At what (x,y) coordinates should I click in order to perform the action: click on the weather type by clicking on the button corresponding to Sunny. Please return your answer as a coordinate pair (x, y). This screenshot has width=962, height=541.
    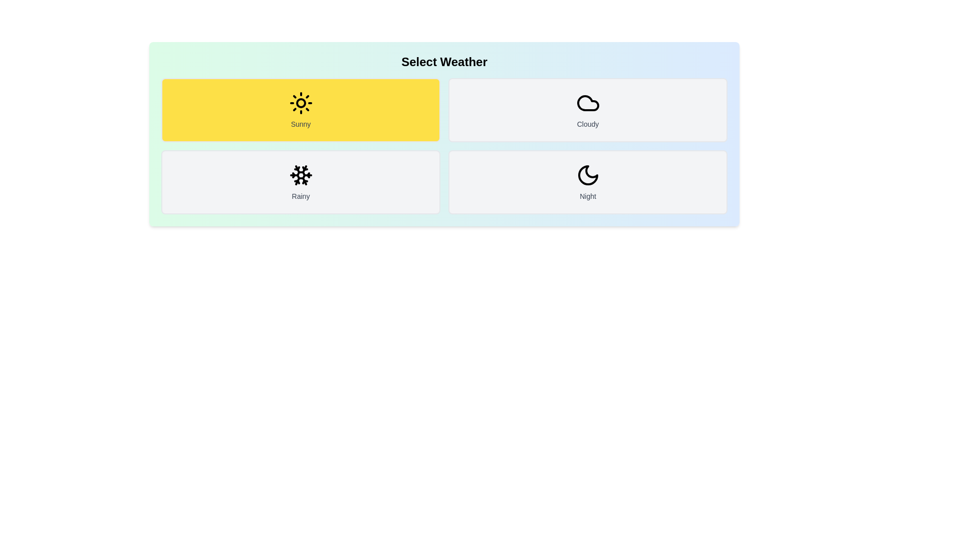
    Looking at the image, I should click on (300, 110).